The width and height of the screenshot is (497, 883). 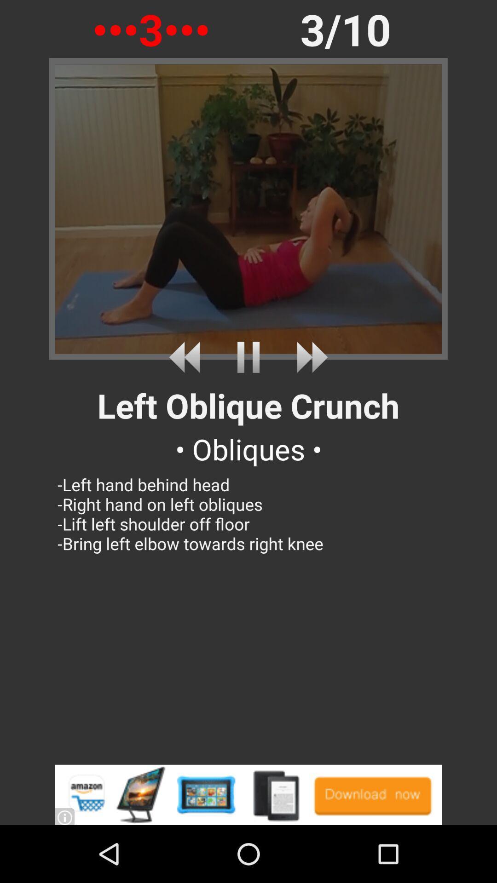 What do you see at coordinates (309, 357) in the screenshot?
I see `fast forward` at bounding box center [309, 357].